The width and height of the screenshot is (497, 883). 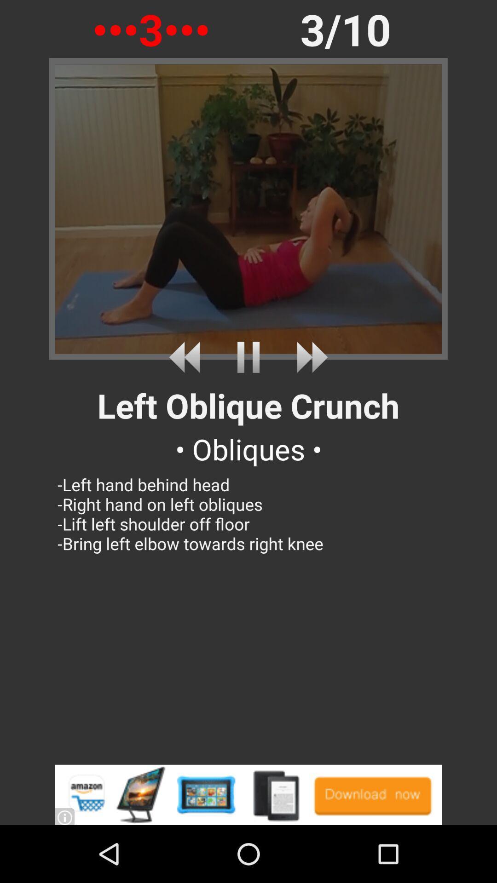 What do you see at coordinates (309, 357) in the screenshot?
I see `fast forward` at bounding box center [309, 357].